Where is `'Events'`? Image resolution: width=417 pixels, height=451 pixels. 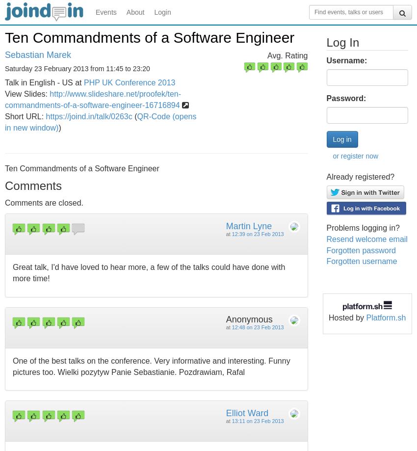
'Events' is located at coordinates (105, 12).